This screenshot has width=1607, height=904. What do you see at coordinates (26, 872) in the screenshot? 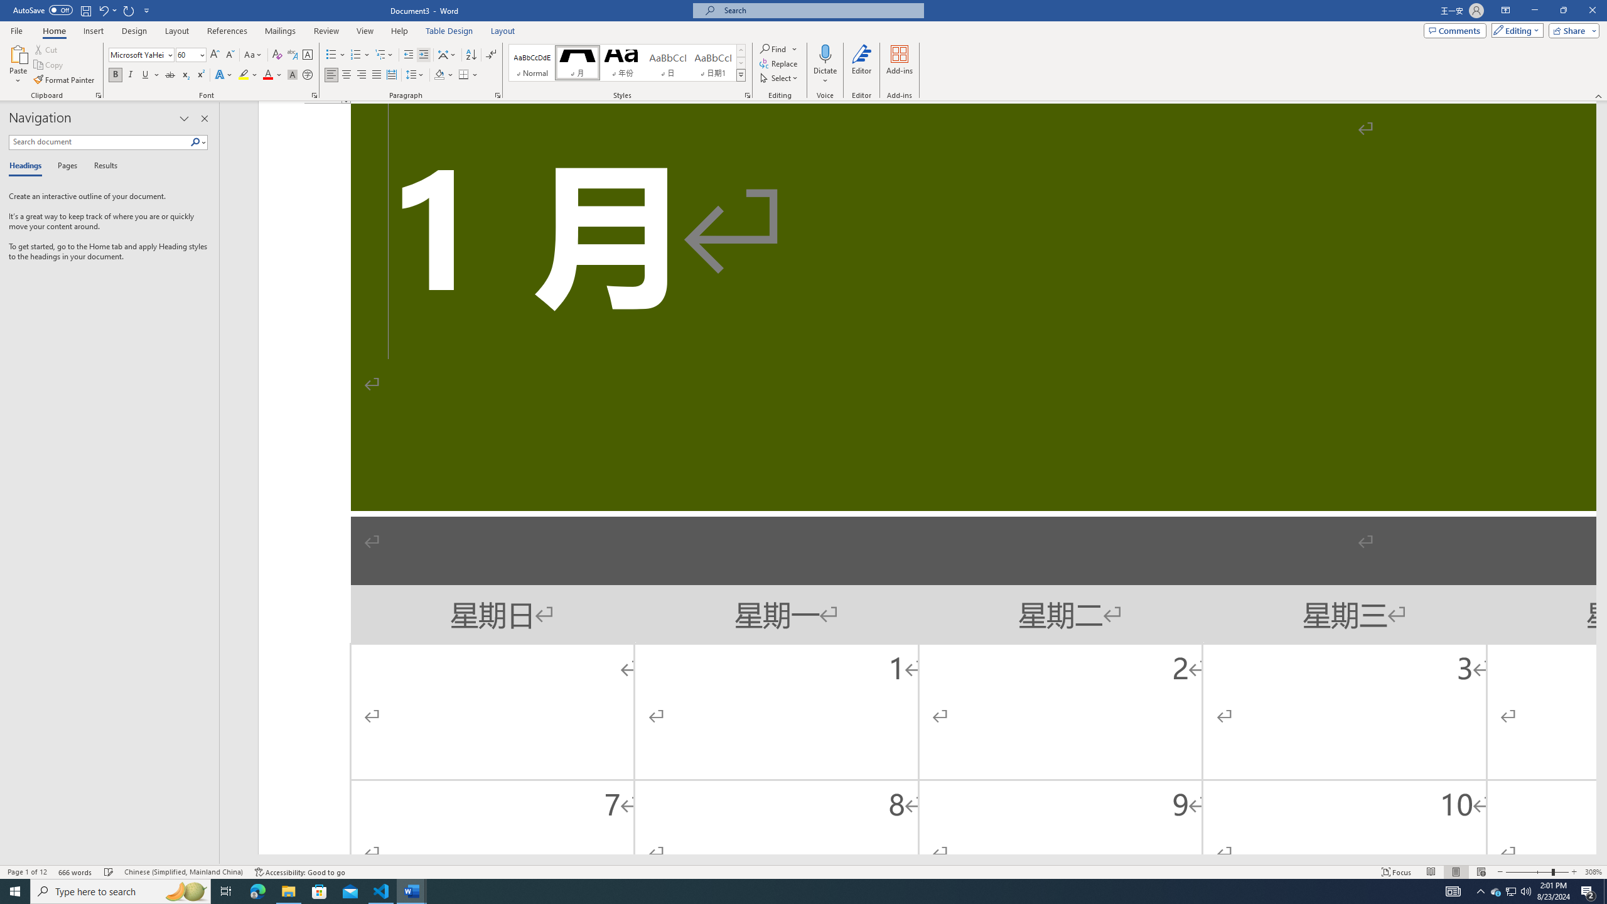
I see `'Page Number Page 1 of 12'` at bounding box center [26, 872].